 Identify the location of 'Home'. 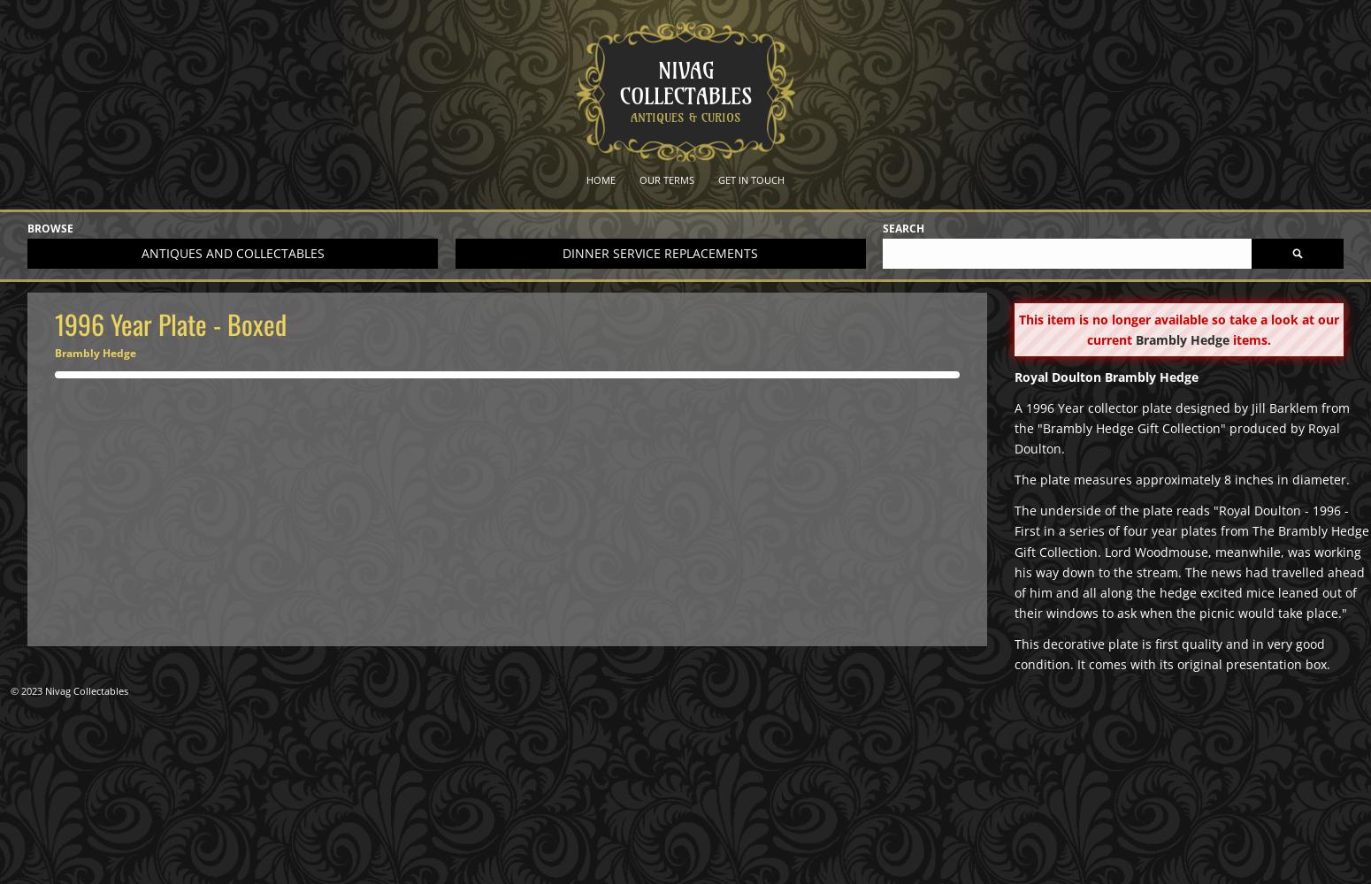
(585, 179).